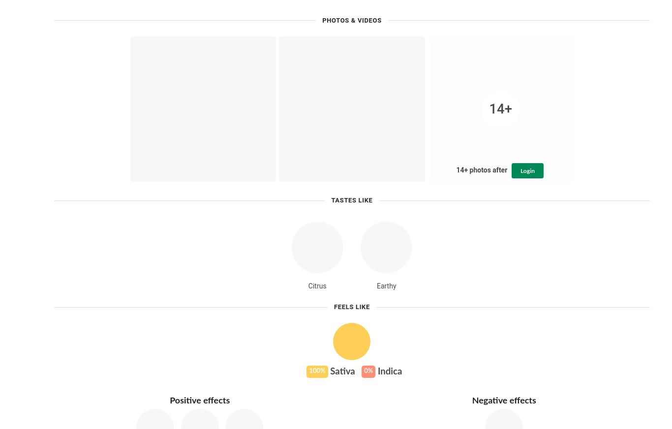 The width and height of the screenshot is (672, 429). Describe the element at coordinates (456, 170) in the screenshot. I see `'14+ photos after'` at that location.